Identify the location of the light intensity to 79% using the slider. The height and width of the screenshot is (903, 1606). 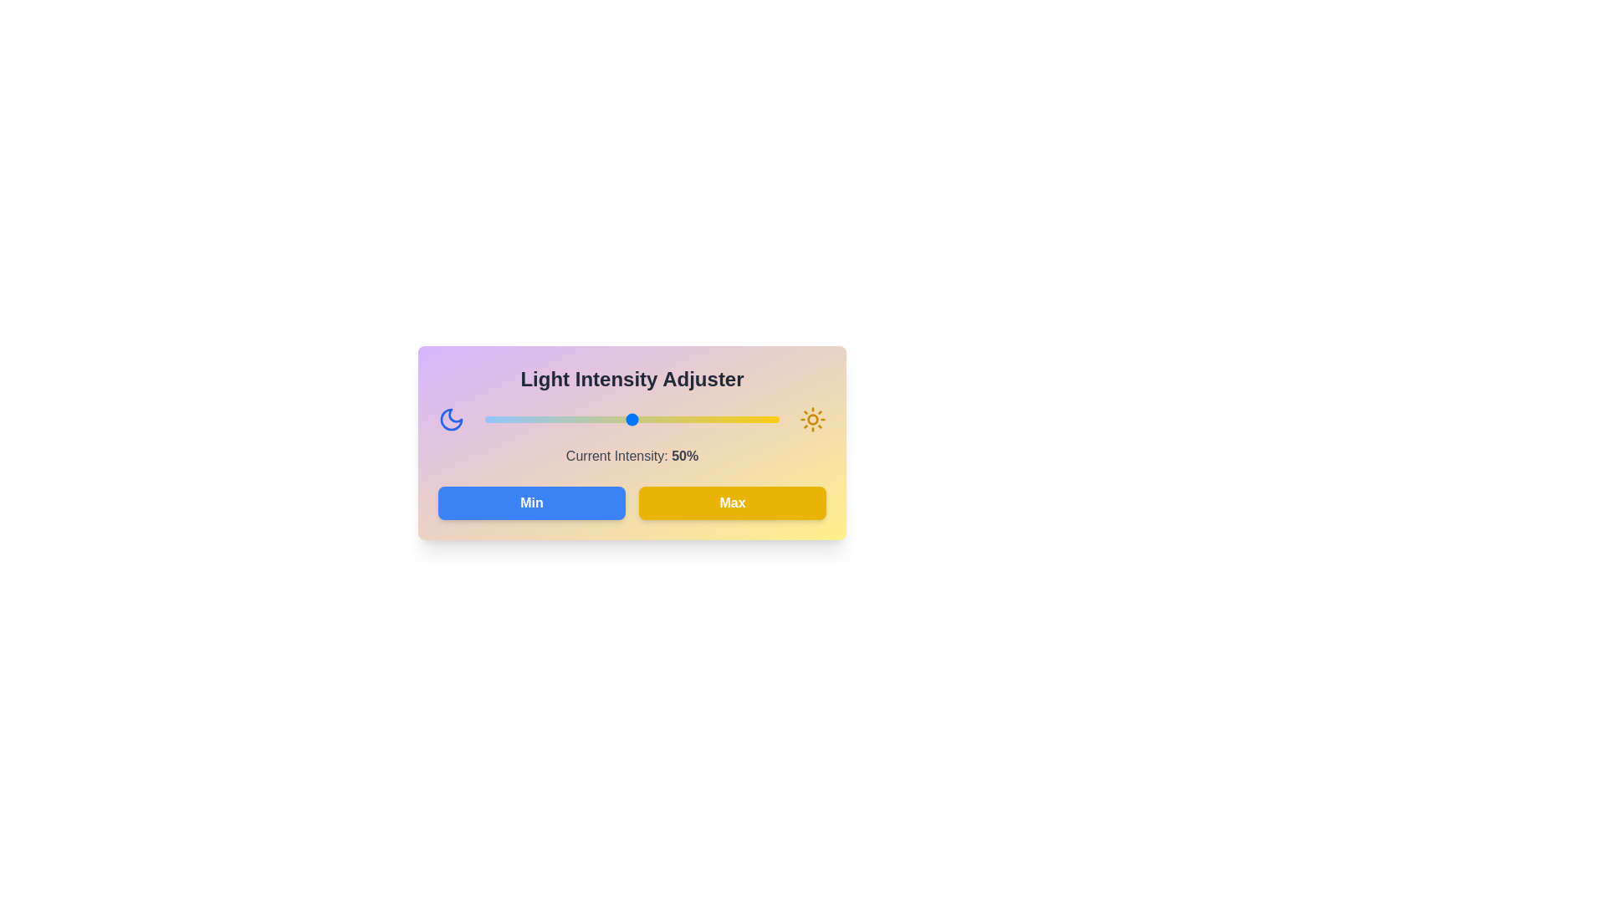
(718, 418).